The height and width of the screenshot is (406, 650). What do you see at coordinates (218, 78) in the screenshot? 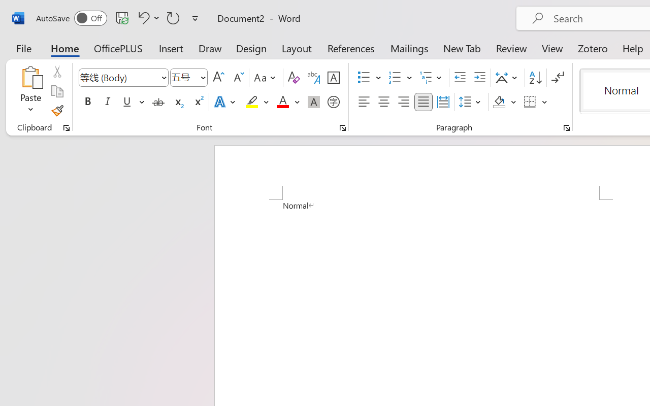
I see `'Grow Font'` at bounding box center [218, 78].